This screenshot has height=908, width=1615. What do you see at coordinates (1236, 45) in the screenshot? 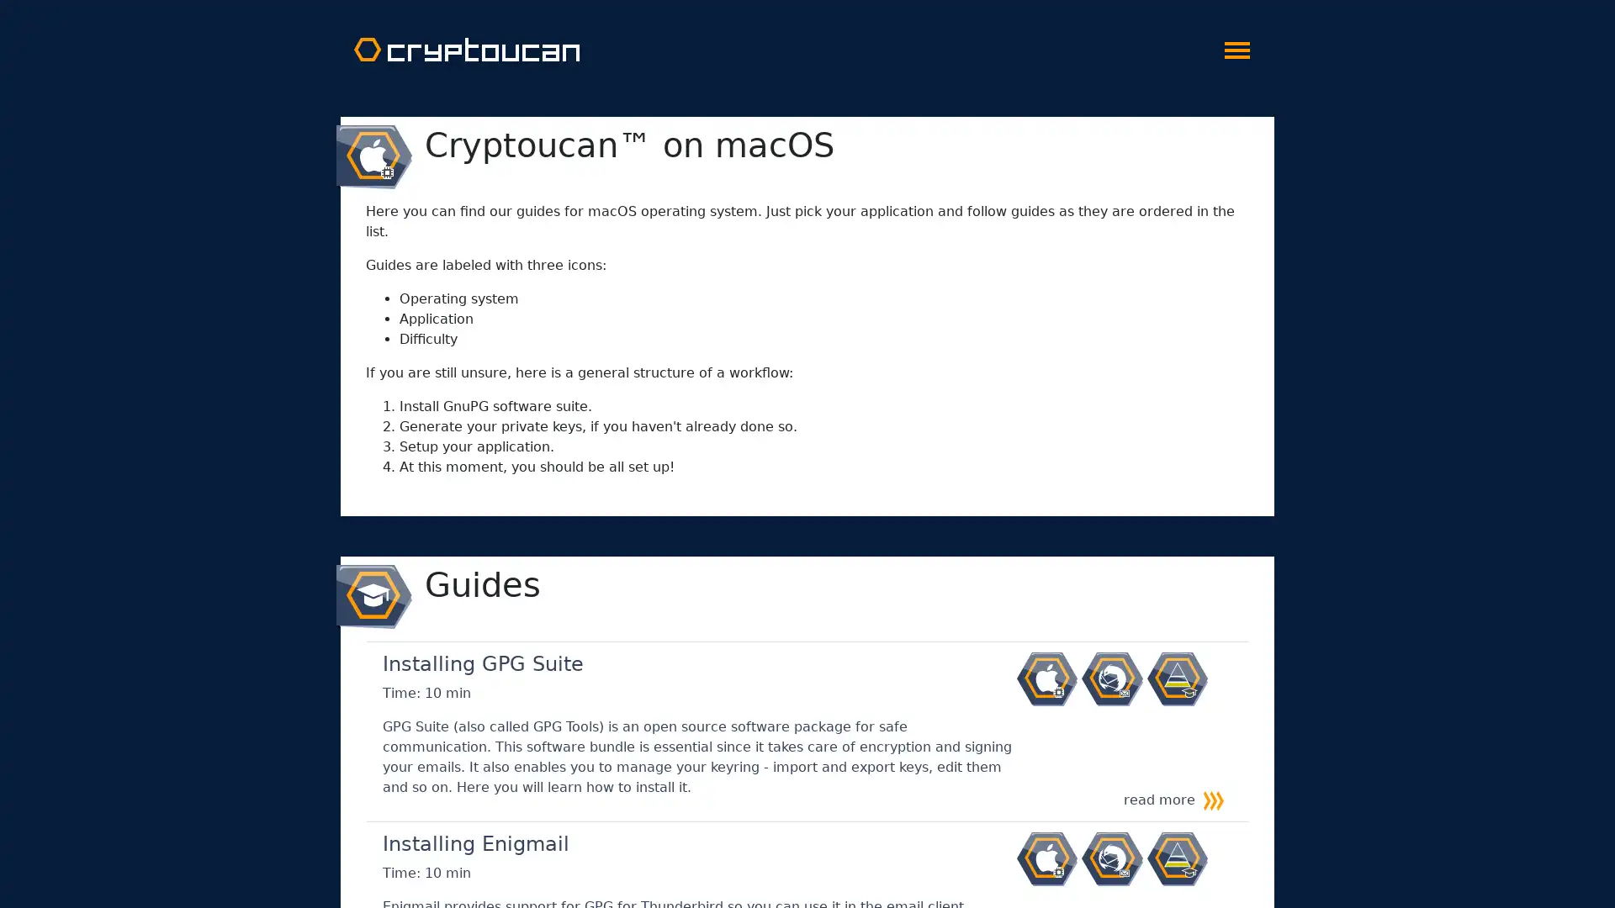
I see `Toggle navigation` at bounding box center [1236, 45].